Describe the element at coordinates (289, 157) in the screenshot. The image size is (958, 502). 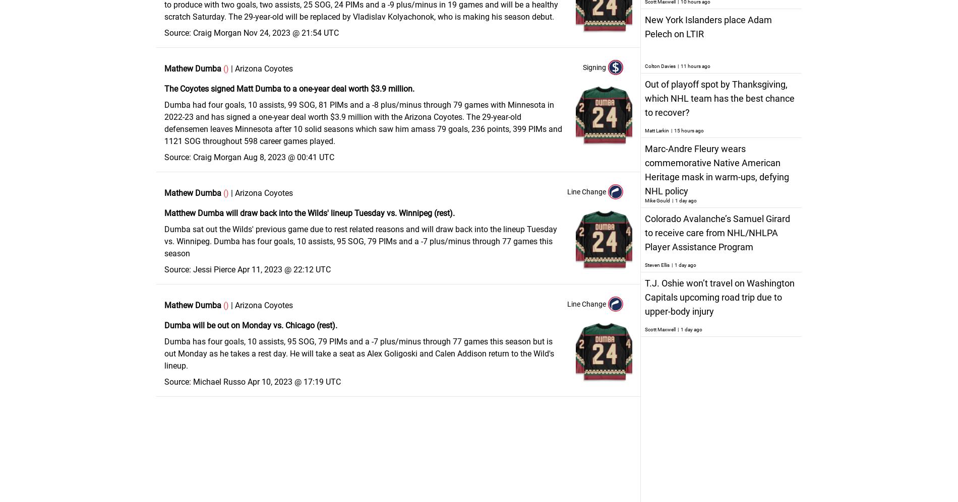
I see `'Aug 8, 2023 @ 00:41 UTC'` at that location.